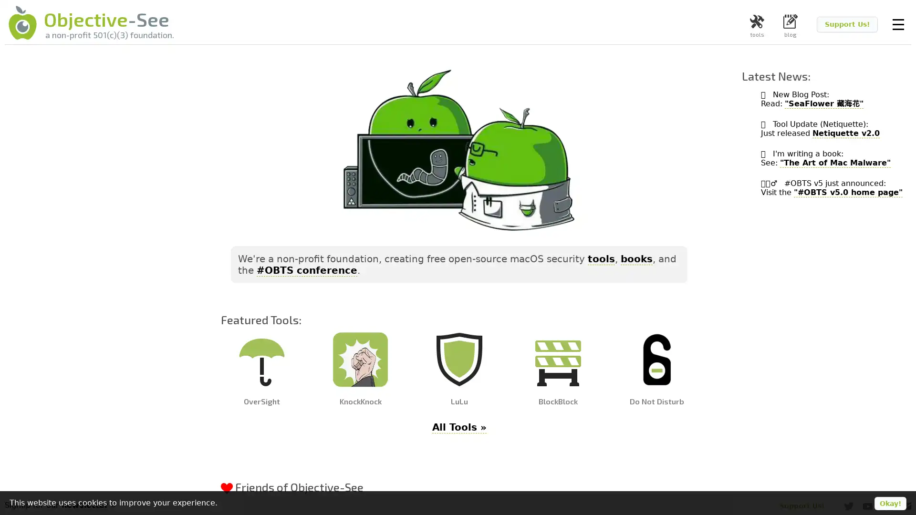  Describe the element at coordinates (890, 503) in the screenshot. I see `Okay!` at that location.